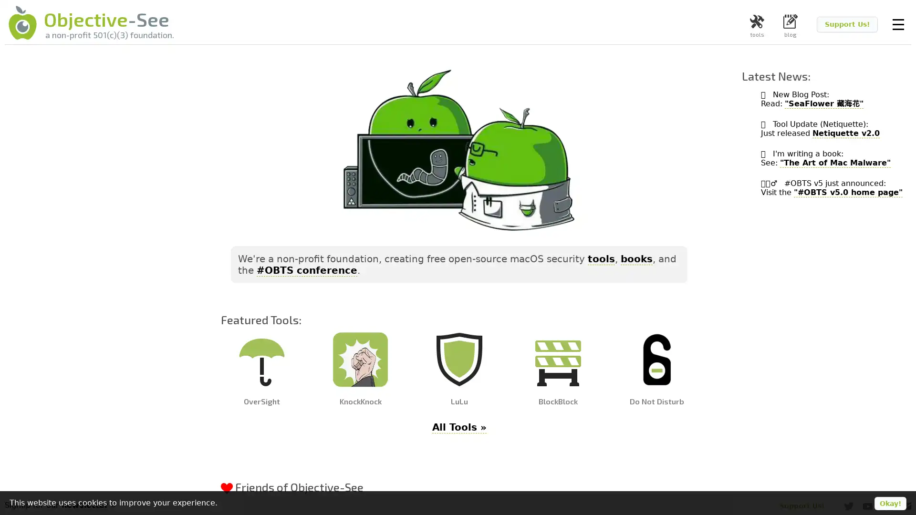  Describe the element at coordinates (890, 503) in the screenshot. I see `Okay!` at that location.